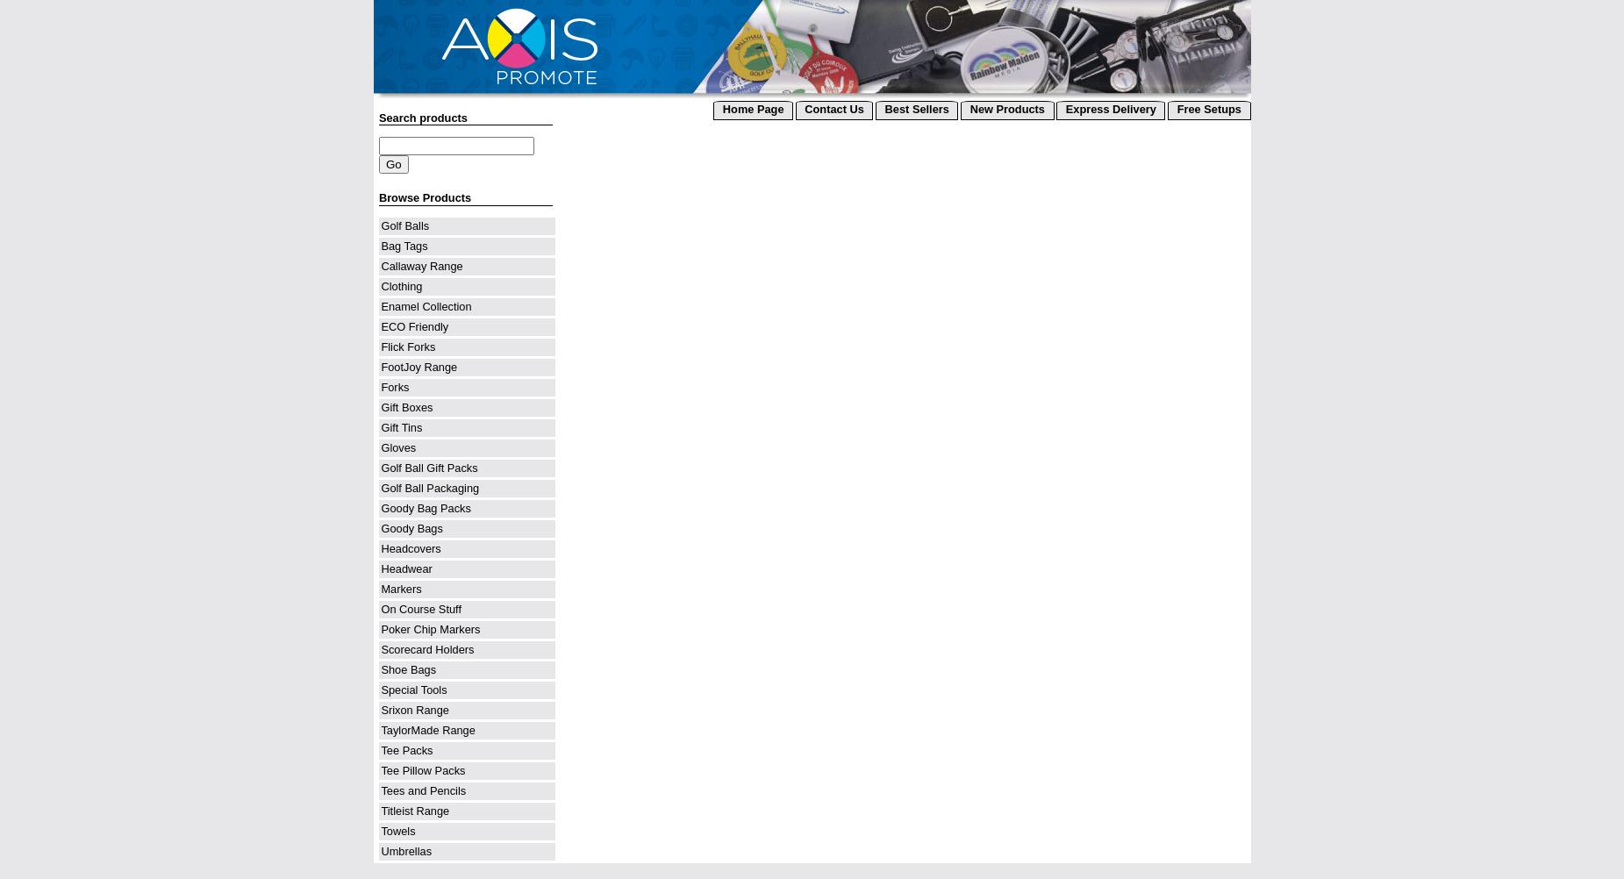 The height and width of the screenshot is (879, 1624). What do you see at coordinates (381, 770) in the screenshot?
I see `'Tee Pillow Packs'` at bounding box center [381, 770].